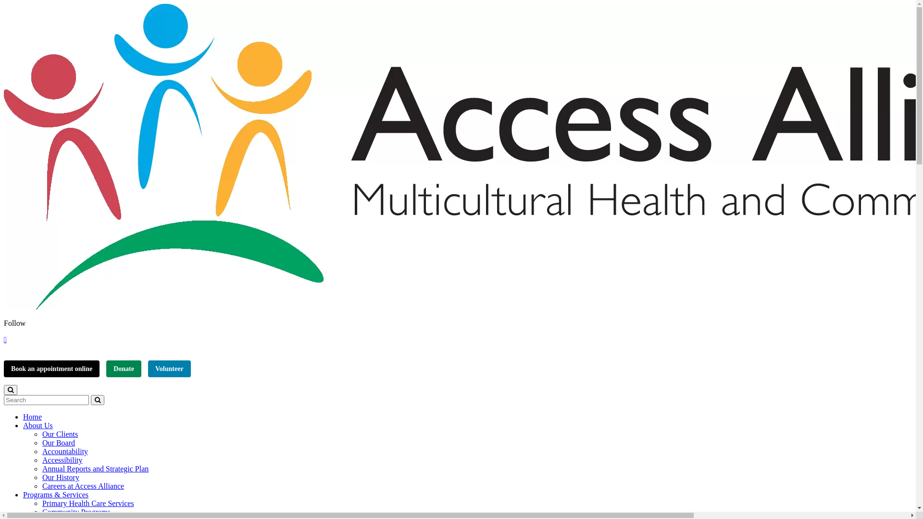 Image resolution: width=923 pixels, height=519 pixels. What do you see at coordinates (41, 511) in the screenshot?
I see `'Community Programs'` at bounding box center [41, 511].